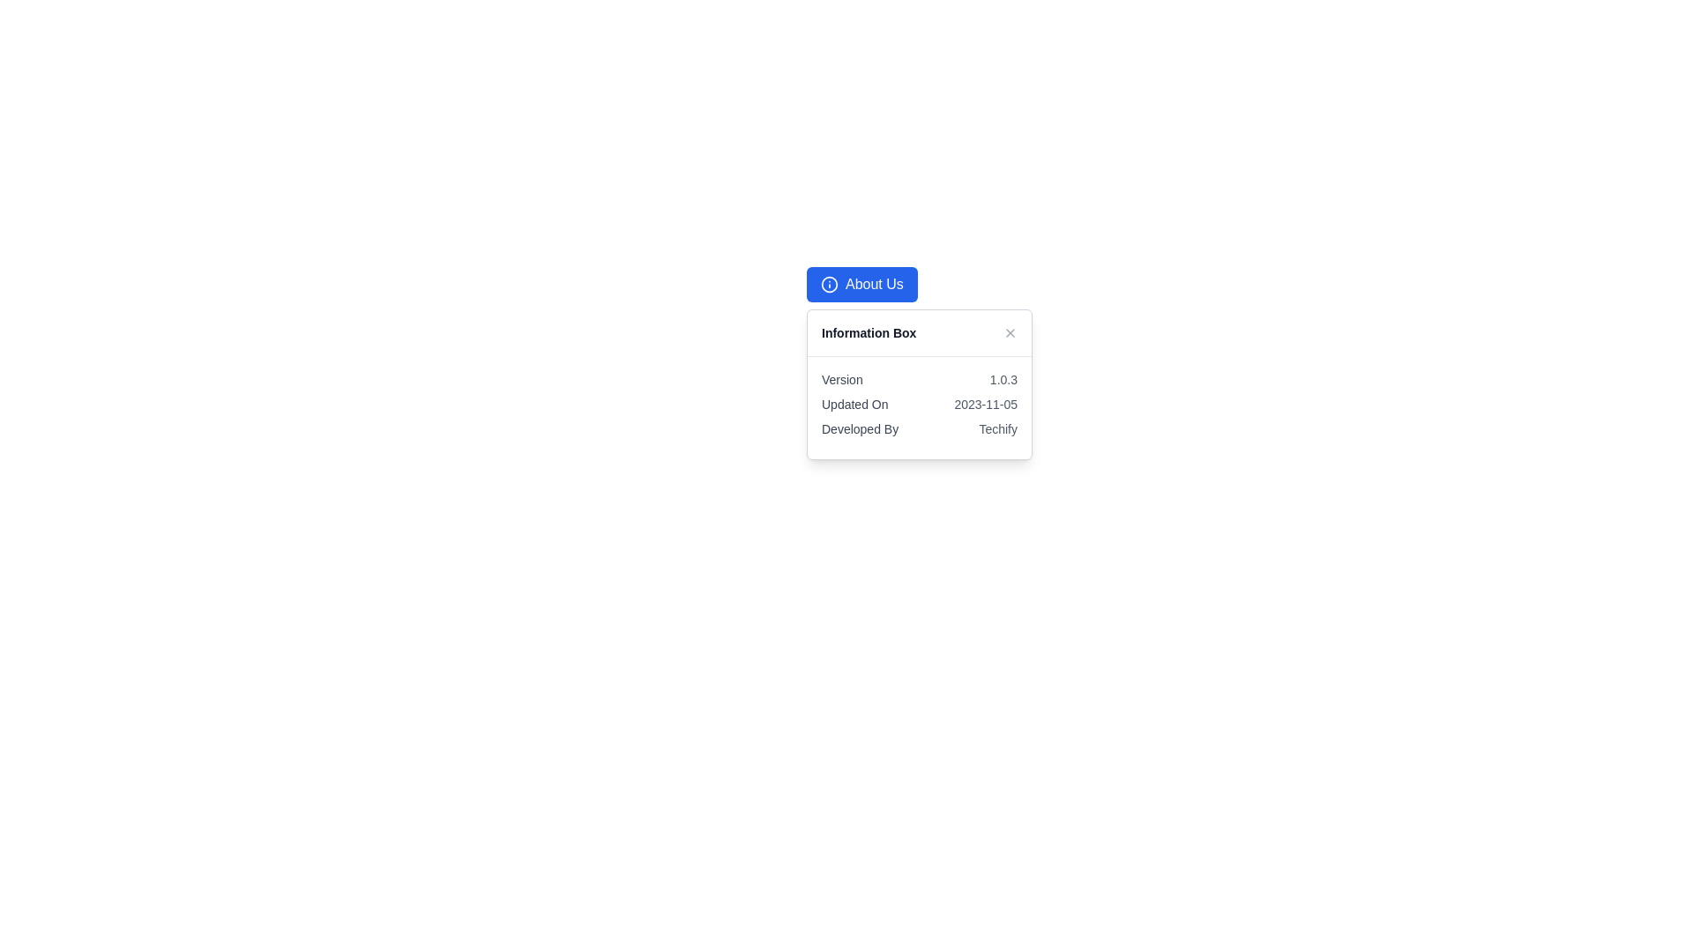  I want to click on the 'About Us' graphic icon located at the top left of the 'About Us' button component, so click(828, 284).